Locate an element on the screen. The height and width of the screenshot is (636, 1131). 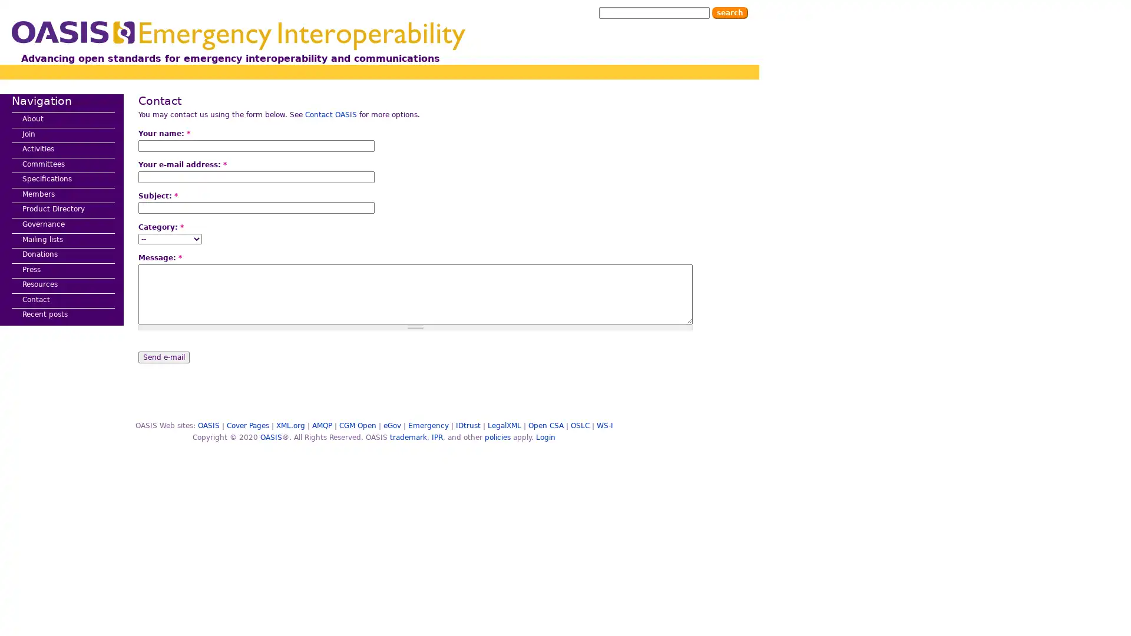
Search is located at coordinates (729, 13).